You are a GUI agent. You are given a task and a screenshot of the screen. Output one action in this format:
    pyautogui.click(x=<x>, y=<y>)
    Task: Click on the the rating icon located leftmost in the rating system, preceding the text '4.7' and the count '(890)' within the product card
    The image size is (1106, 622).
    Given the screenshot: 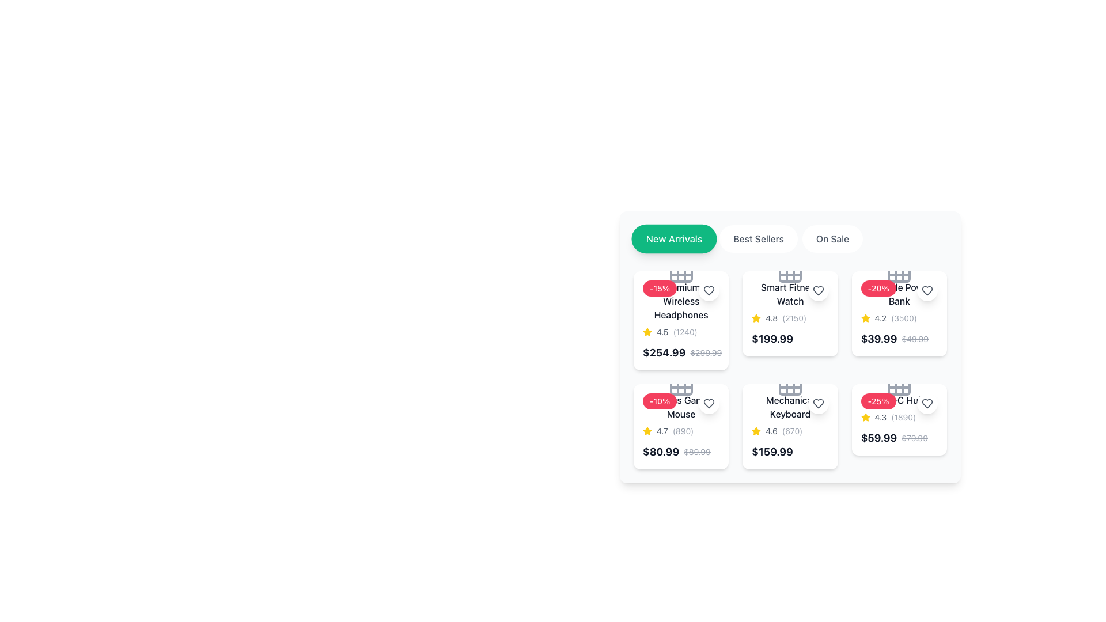 What is the action you would take?
    pyautogui.click(x=647, y=431)
    